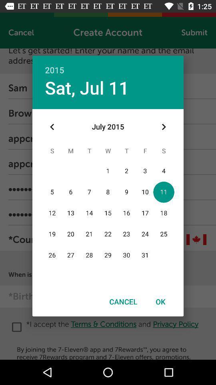 The image size is (216, 385). I want to click on 2015 icon, so click(108, 65).